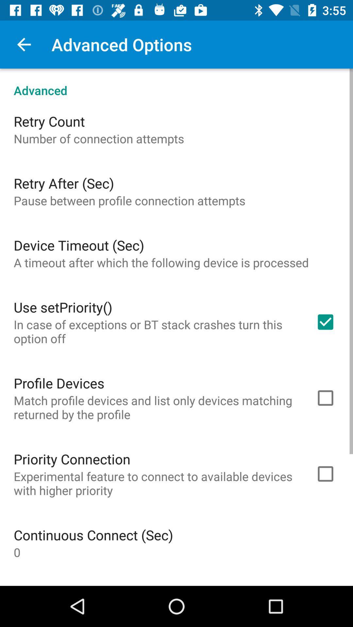 The height and width of the screenshot is (627, 353). Describe the element at coordinates (156, 331) in the screenshot. I see `the item above profile devices icon` at that location.